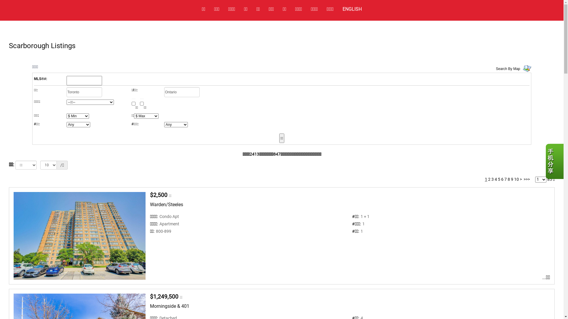 This screenshot has width=568, height=319. I want to click on '10', so click(516, 179).